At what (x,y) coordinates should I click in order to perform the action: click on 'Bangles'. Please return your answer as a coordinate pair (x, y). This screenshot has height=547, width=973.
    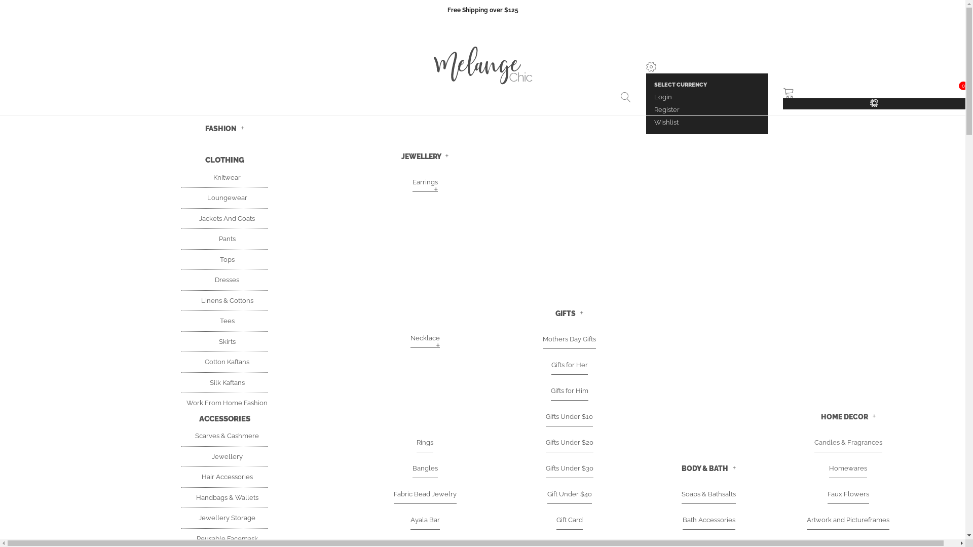
    Looking at the image, I should click on (425, 468).